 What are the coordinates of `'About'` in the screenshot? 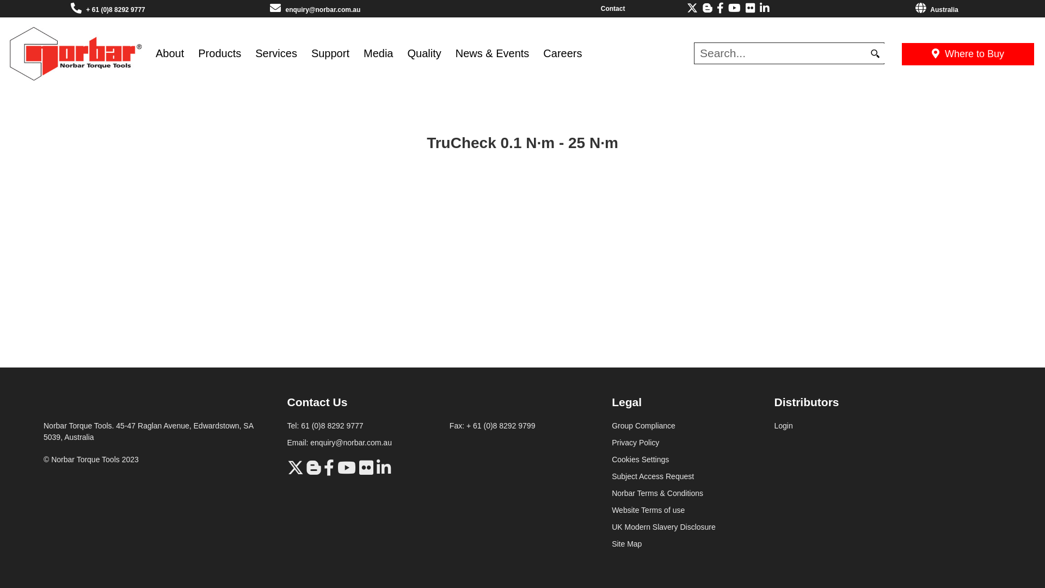 It's located at (169, 53).